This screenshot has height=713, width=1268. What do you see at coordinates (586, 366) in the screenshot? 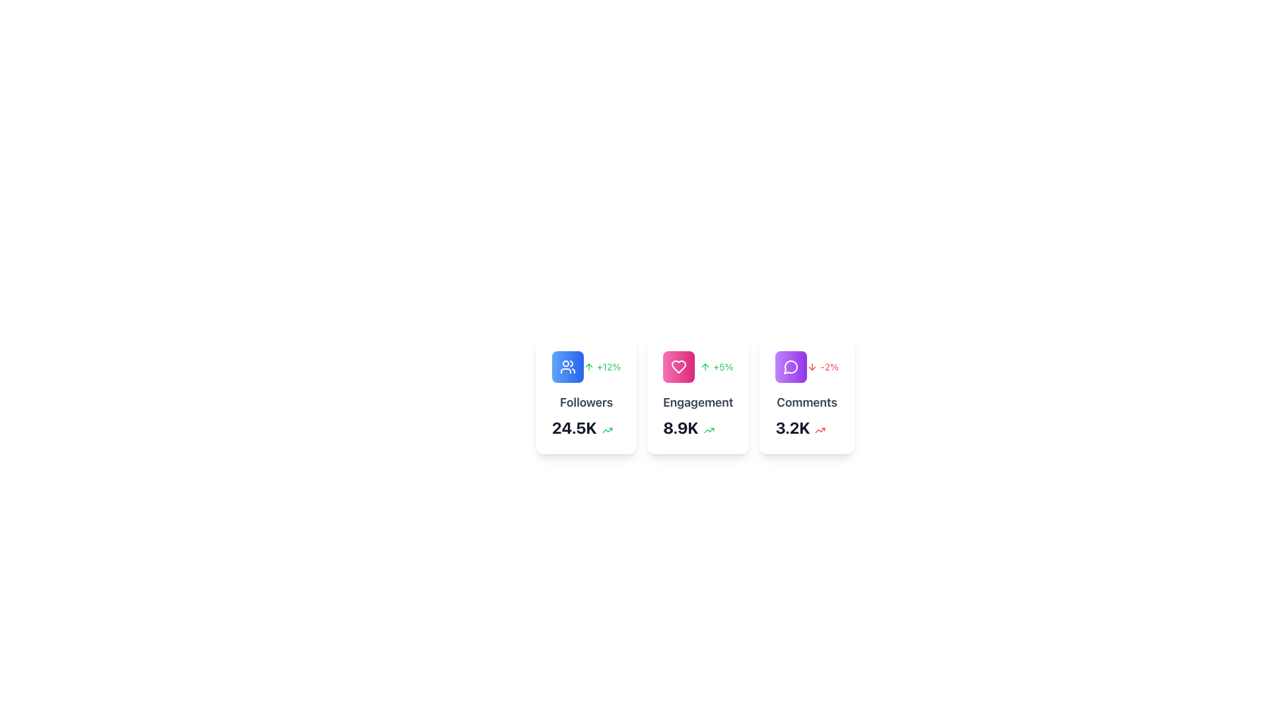
I see `the positive change indicator for the 'Followers' metric, which shows a 12% growth, located in the top section of the card displaying 'Followers' statistics` at bounding box center [586, 366].